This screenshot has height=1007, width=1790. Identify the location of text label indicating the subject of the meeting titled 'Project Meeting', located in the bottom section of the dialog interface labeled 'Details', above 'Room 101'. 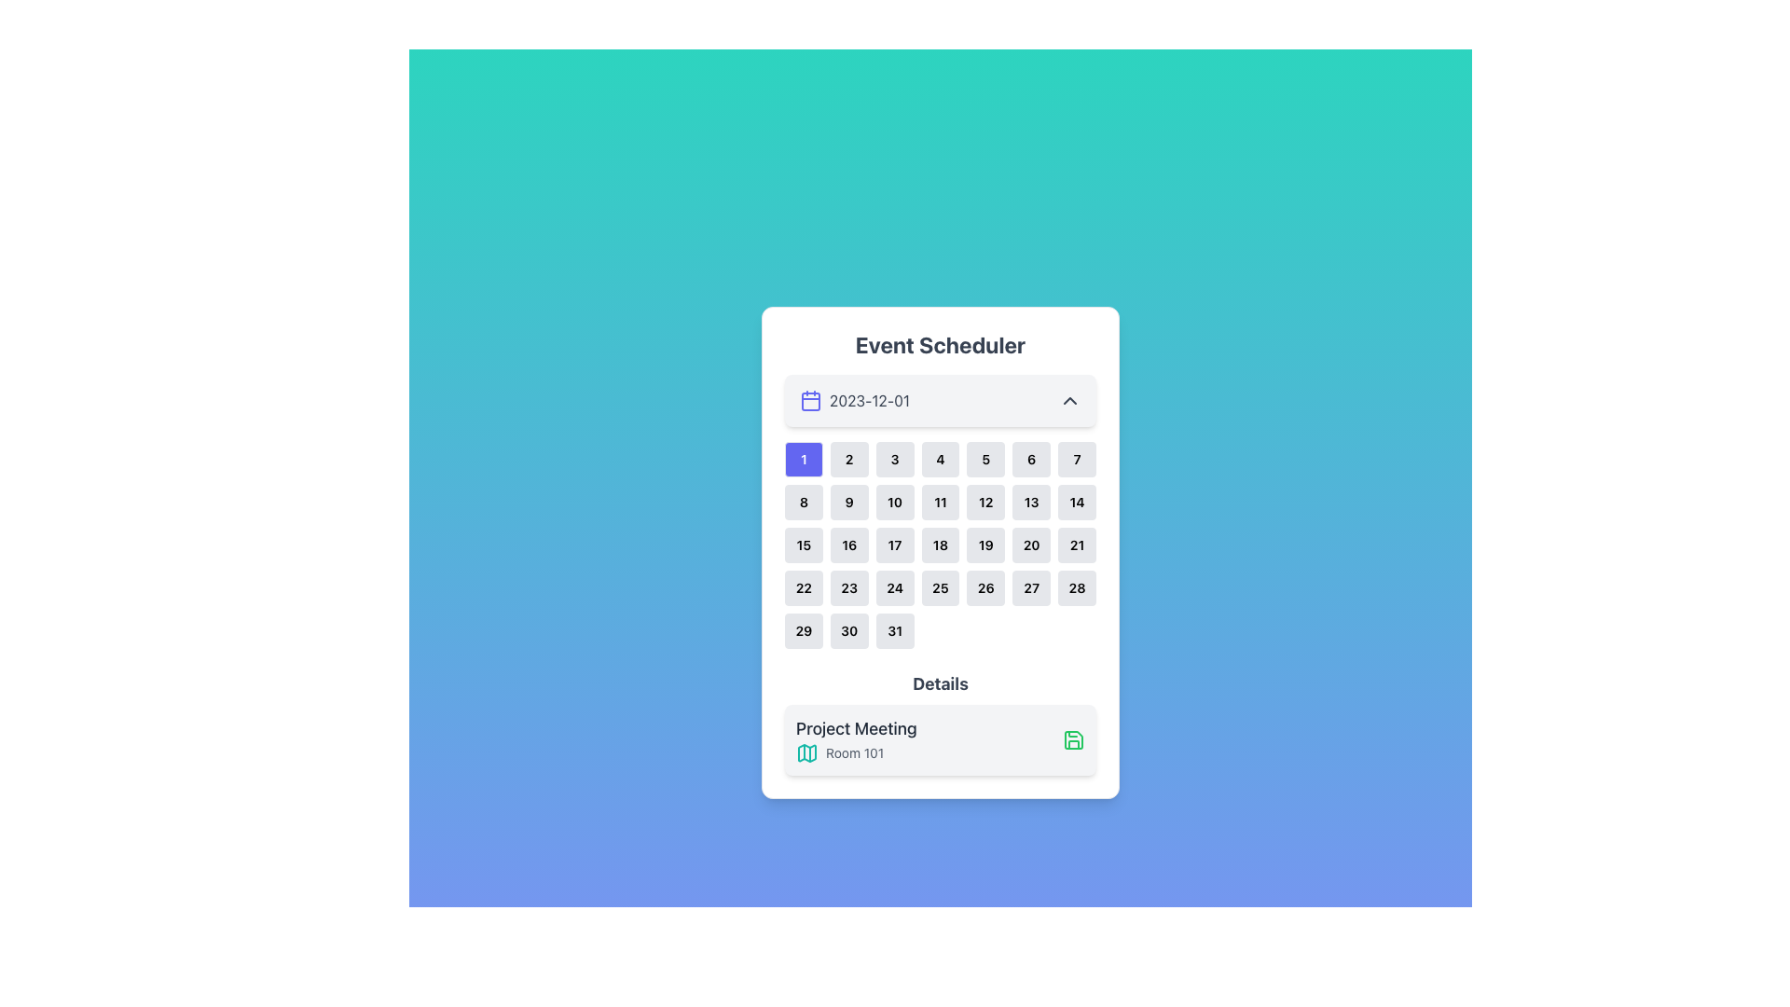
(855, 728).